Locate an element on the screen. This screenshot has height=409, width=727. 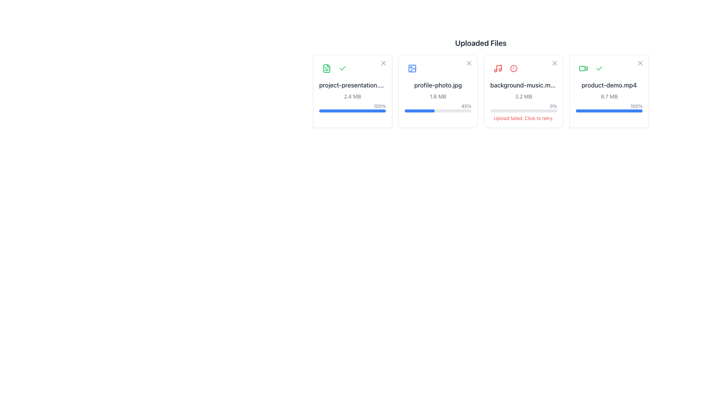
the upload progress for 'profile-photo.jpg' is located at coordinates (407, 111).